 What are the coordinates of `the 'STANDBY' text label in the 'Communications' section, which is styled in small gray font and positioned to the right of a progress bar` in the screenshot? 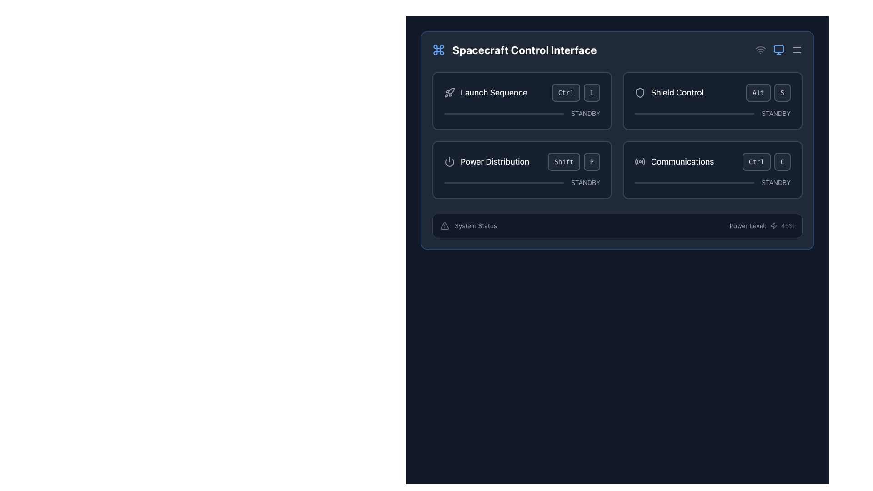 It's located at (776, 182).